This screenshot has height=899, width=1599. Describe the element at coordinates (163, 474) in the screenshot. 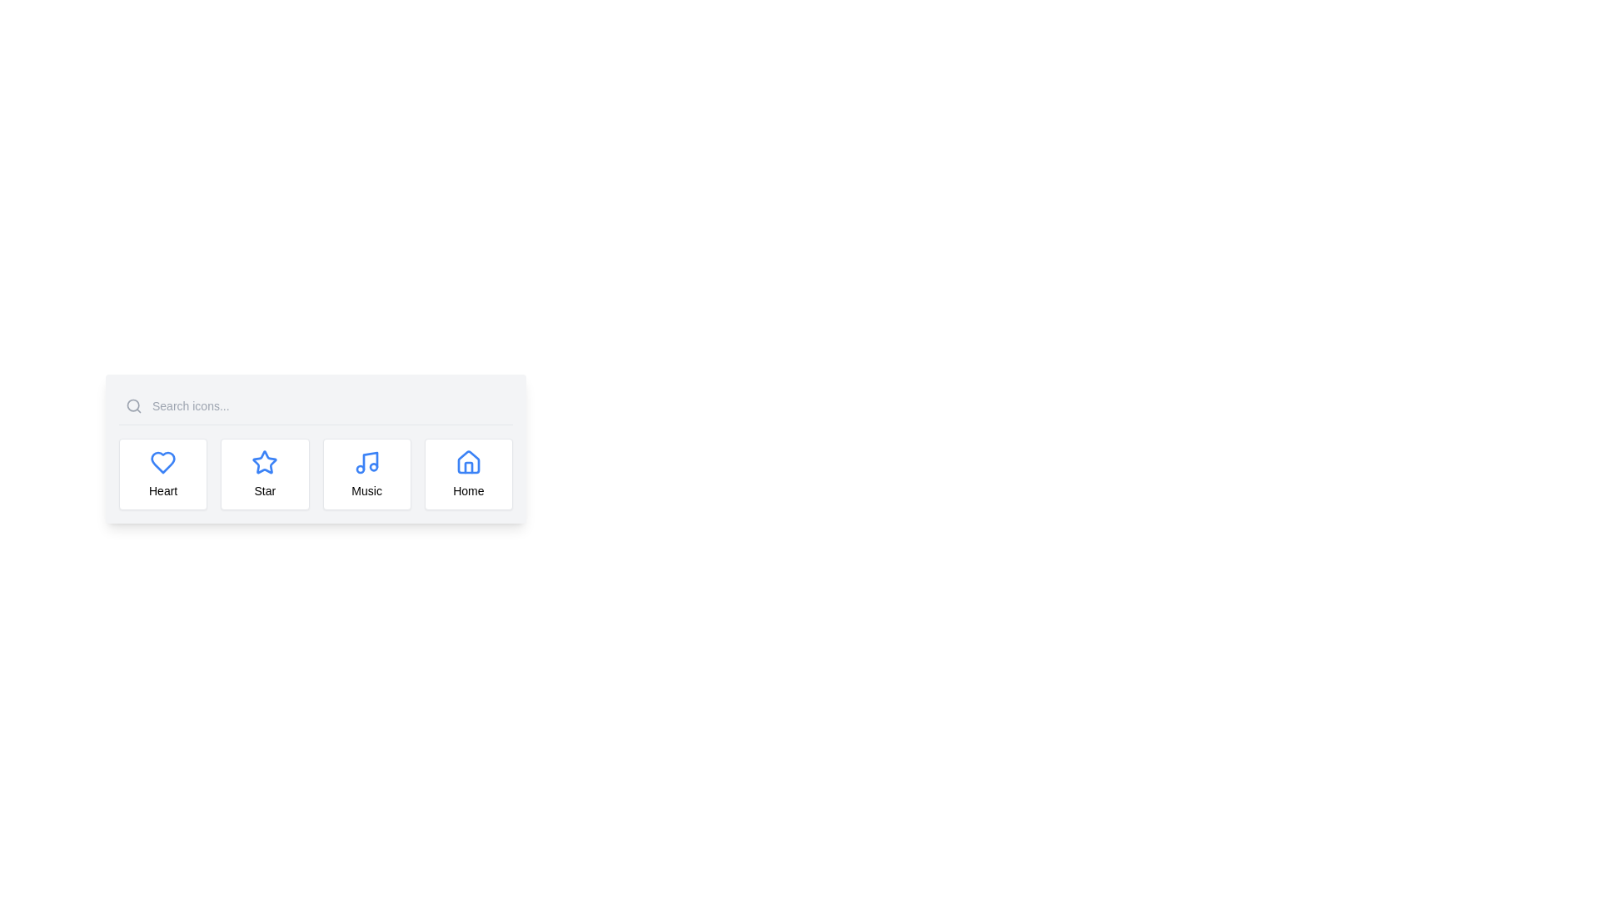

I see `the card element that has a heart icon outlined in blue and the label 'Heart' in black text, located in the top-left corner of the grid layout` at that location.